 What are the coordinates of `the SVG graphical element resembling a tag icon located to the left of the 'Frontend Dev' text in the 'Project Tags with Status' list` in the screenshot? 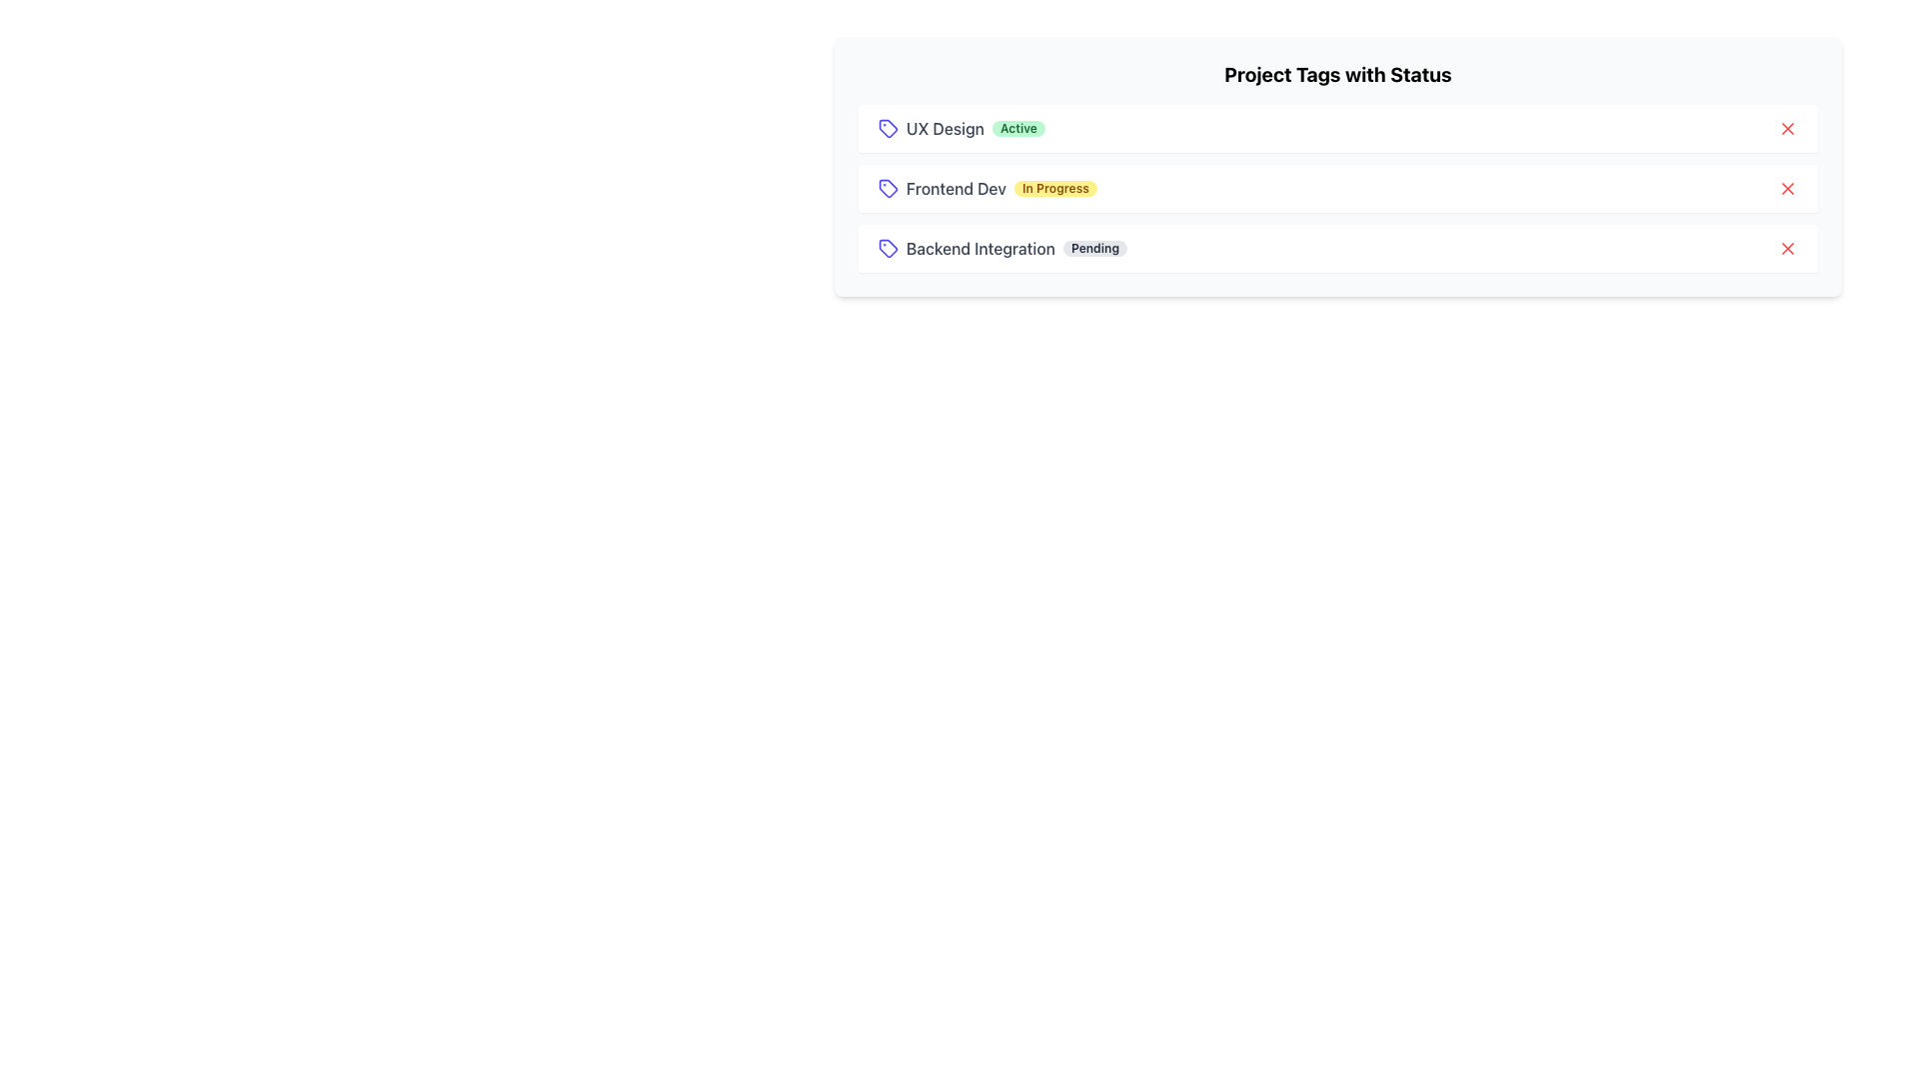 It's located at (887, 189).